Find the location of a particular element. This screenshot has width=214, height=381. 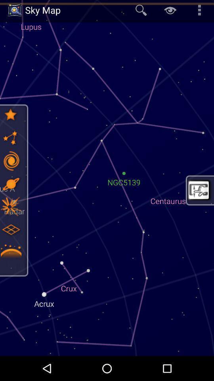

the wallpaper icon is located at coordinates (199, 190).